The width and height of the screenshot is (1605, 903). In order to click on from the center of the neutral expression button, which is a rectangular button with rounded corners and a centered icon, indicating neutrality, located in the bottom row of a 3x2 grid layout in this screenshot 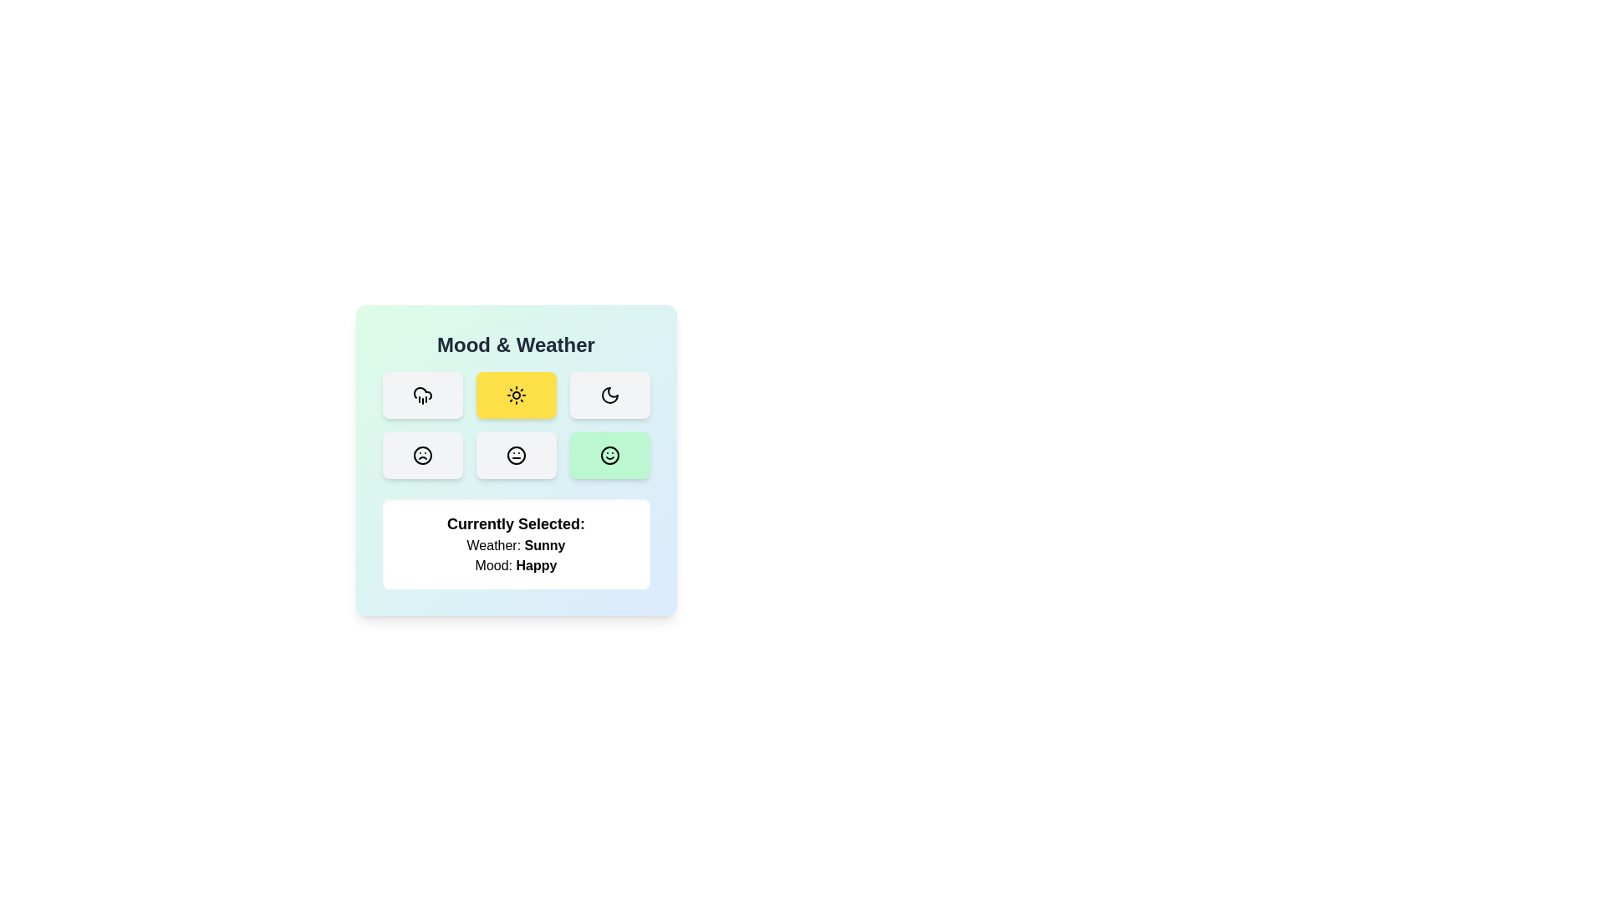, I will do `click(515, 455)`.